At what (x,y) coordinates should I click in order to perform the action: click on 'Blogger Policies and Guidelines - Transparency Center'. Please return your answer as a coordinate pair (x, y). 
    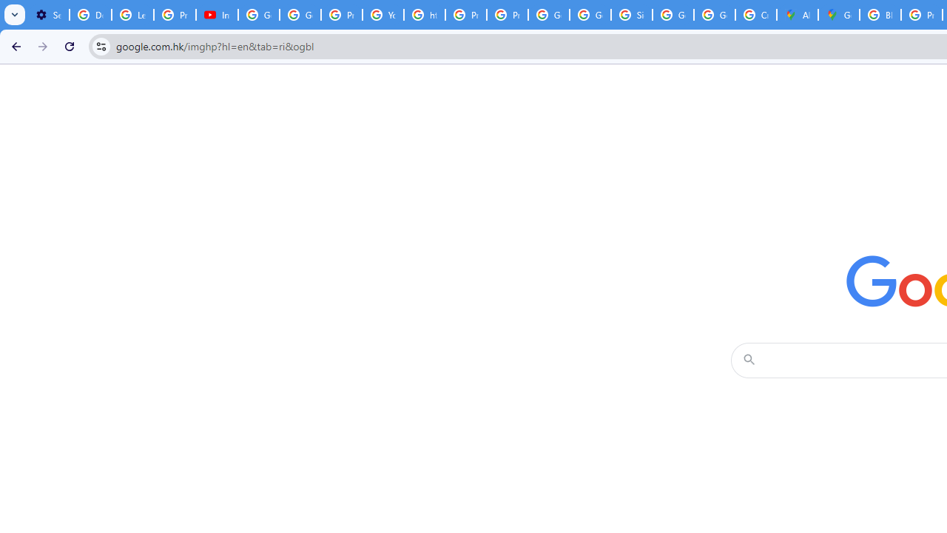
    Looking at the image, I should click on (880, 15).